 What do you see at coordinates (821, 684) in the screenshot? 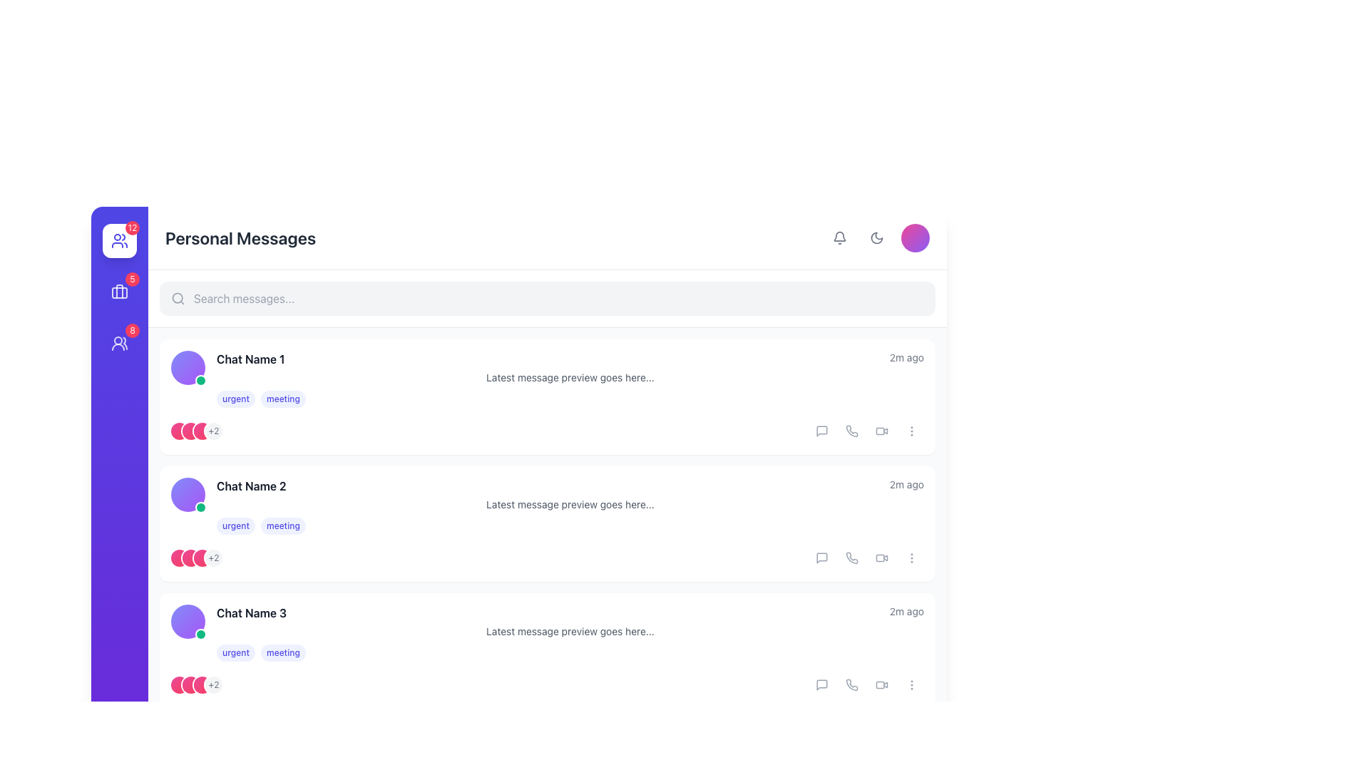
I see `the small speech bubble icon, which is the first icon in the sequence of interactive icons located to the far right of the third chat preview pane` at bounding box center [821, 684].